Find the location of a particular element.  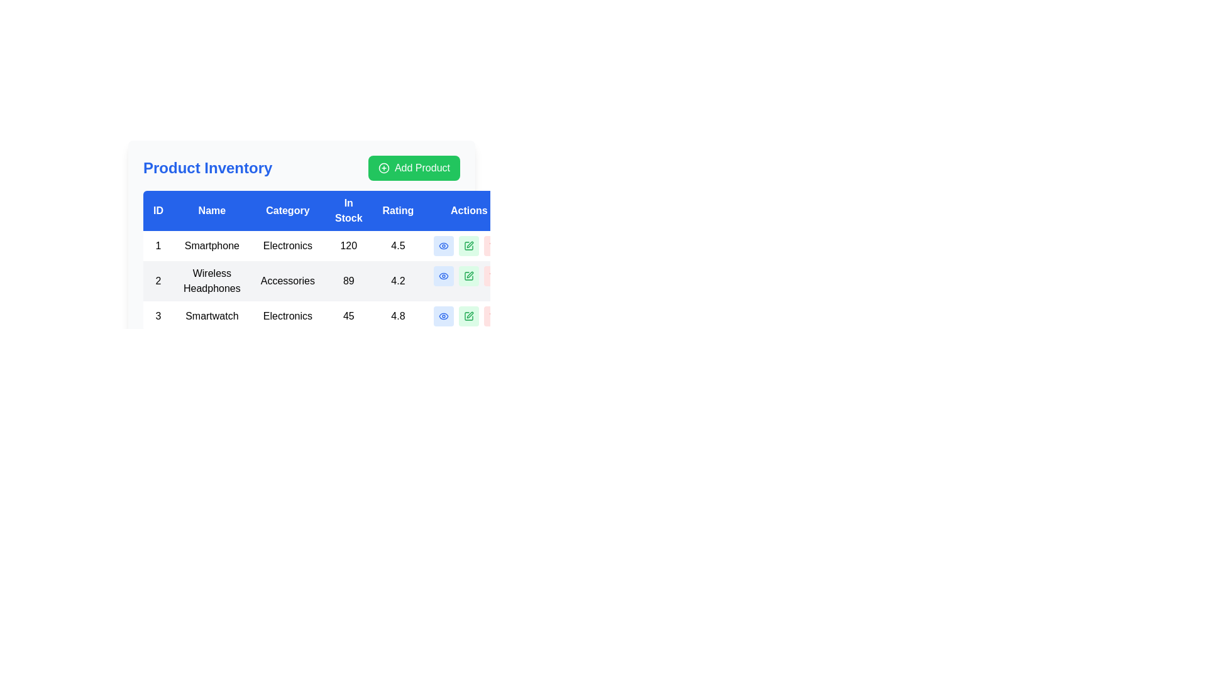

the pen-shaped icon located in the 'Actions' column of the third row for the 'Smartwatch' entry to initiate an edit action is located at coordinates (470, 244).